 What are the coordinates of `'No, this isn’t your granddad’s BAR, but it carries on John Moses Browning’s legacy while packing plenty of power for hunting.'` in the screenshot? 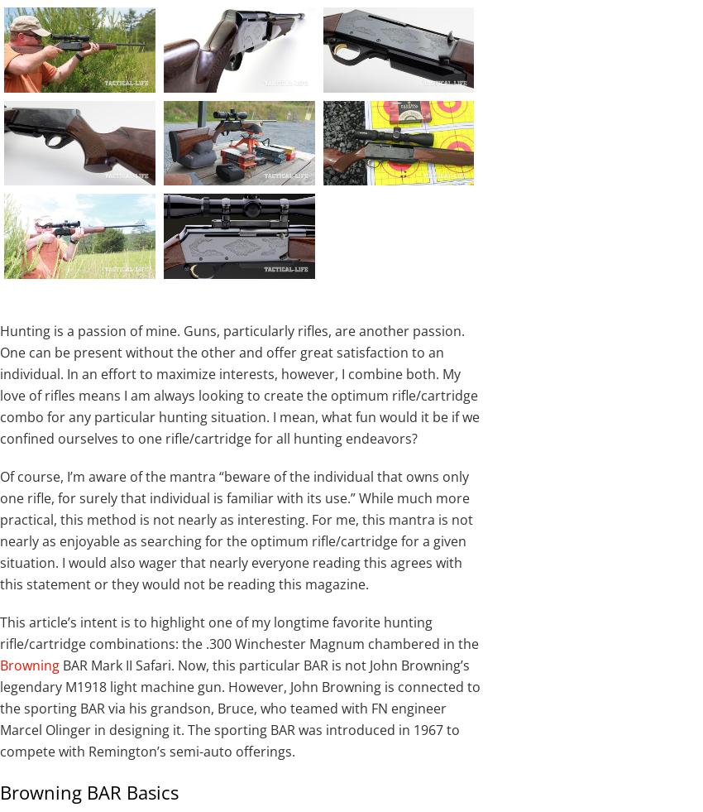 It's located at (78, 93).